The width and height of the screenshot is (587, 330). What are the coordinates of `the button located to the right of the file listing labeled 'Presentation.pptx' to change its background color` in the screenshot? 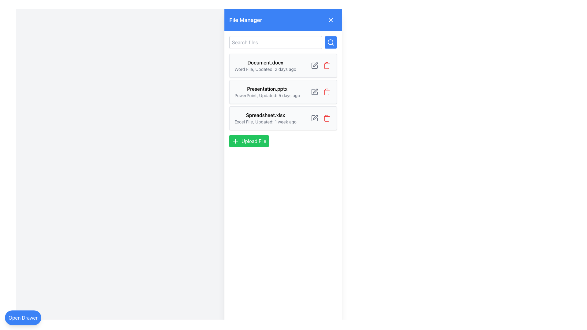 It's located at (314, 92).